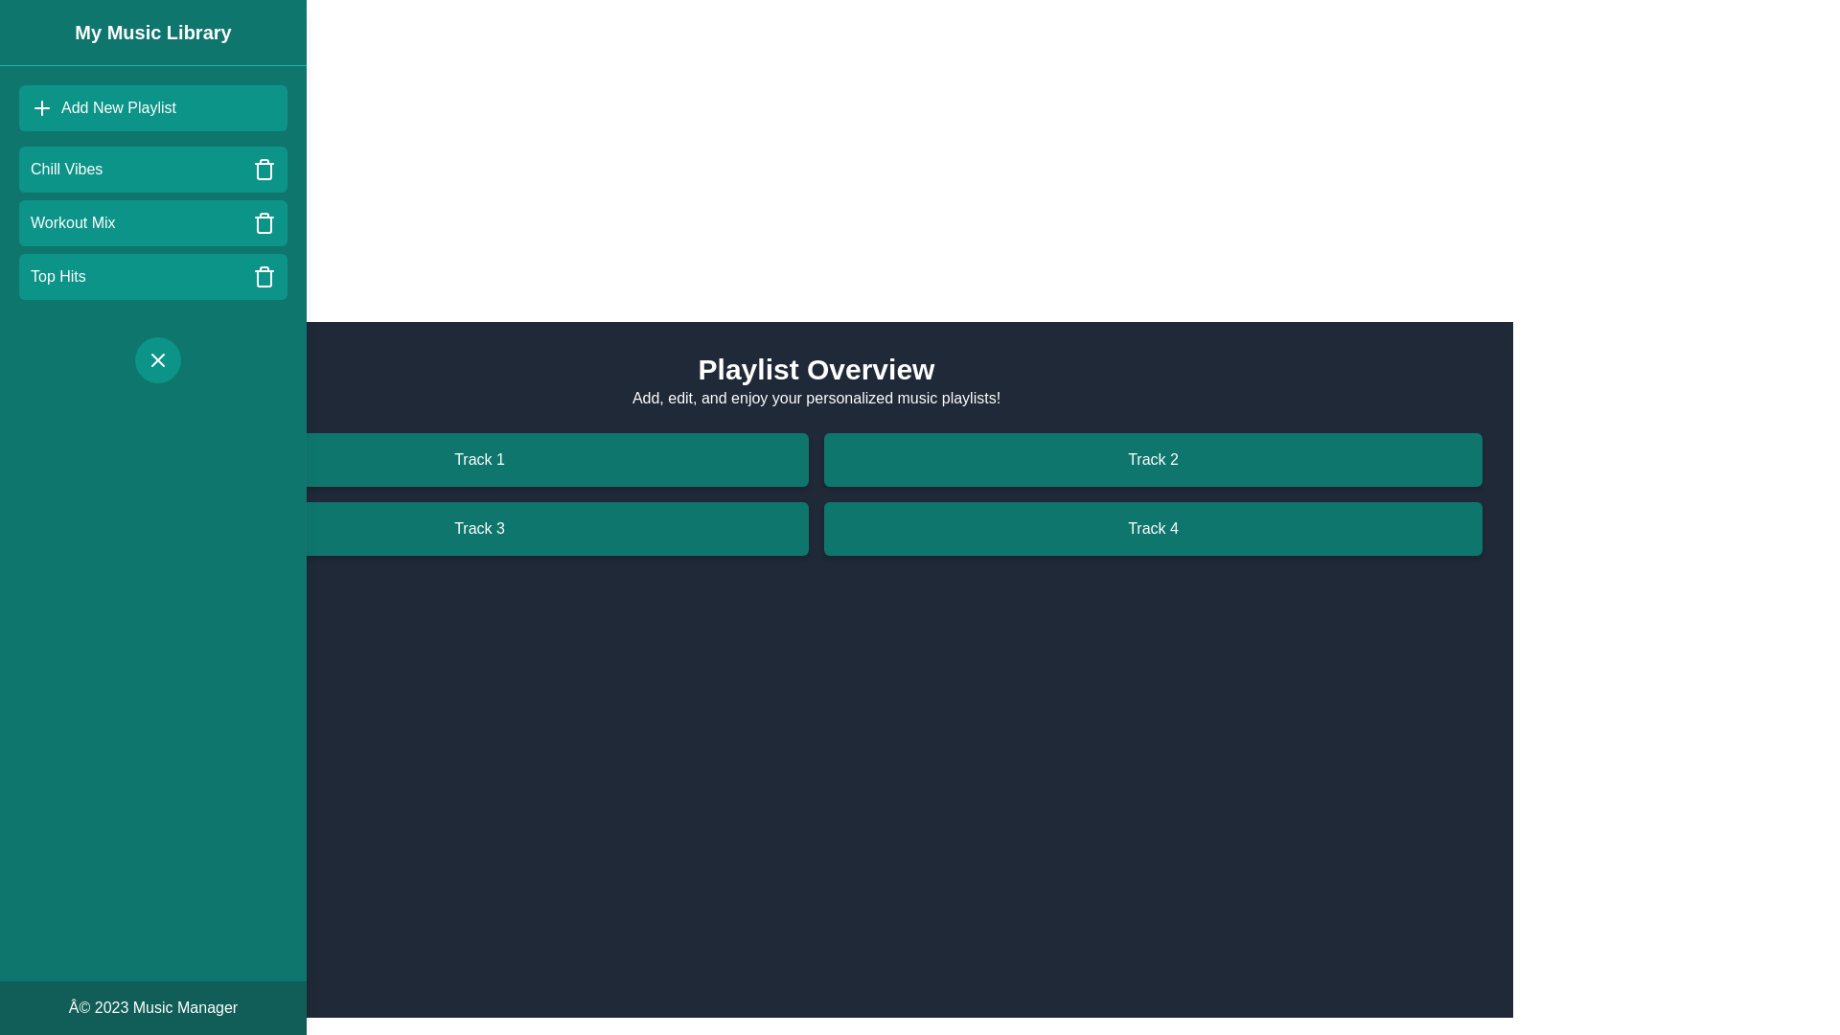 The image size is (1840, 1035). Describe the element at coordinates (479, 459) in the screenshot. I see `the 'Track 1' button, which is a teal button with white text displaying 'Track 1' and is located in the top-left position of a grid layout` at that location.